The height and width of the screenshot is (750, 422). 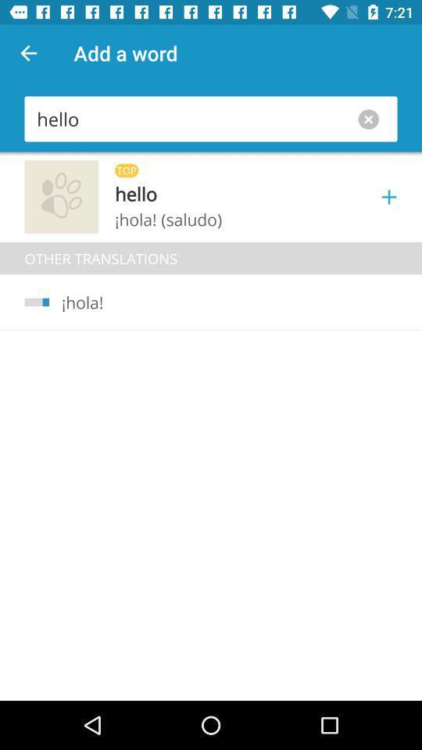 What do you see at coordinates (28, 53) in the screenshot?
I see `the item above the hello icon` at bounding box center [28, 53].